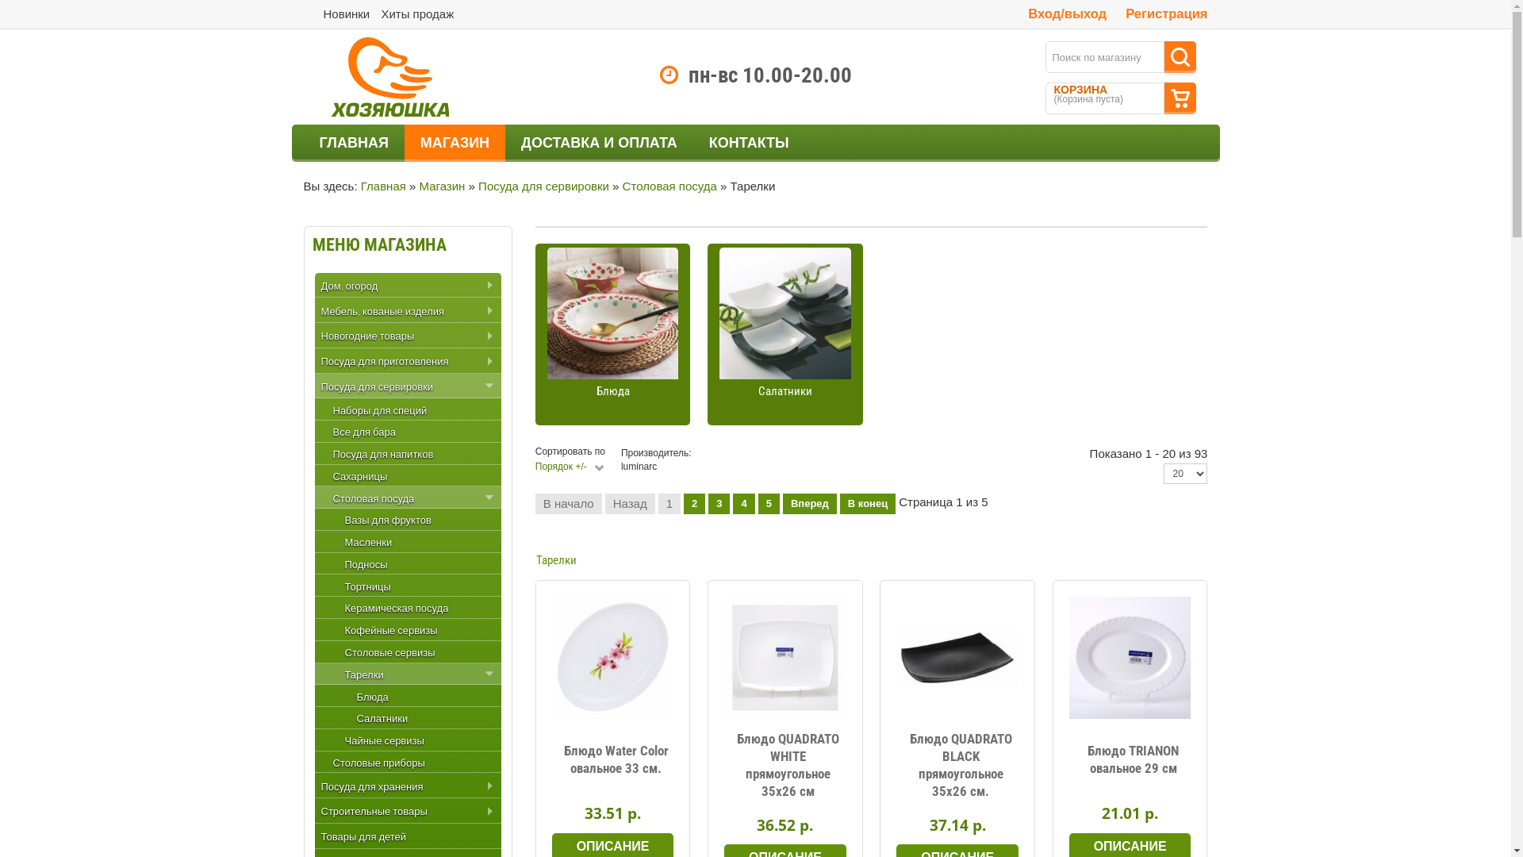 Image resolution: width=1523 pixels, height=857 pixels. I want to click on '2', so click(694, 504).